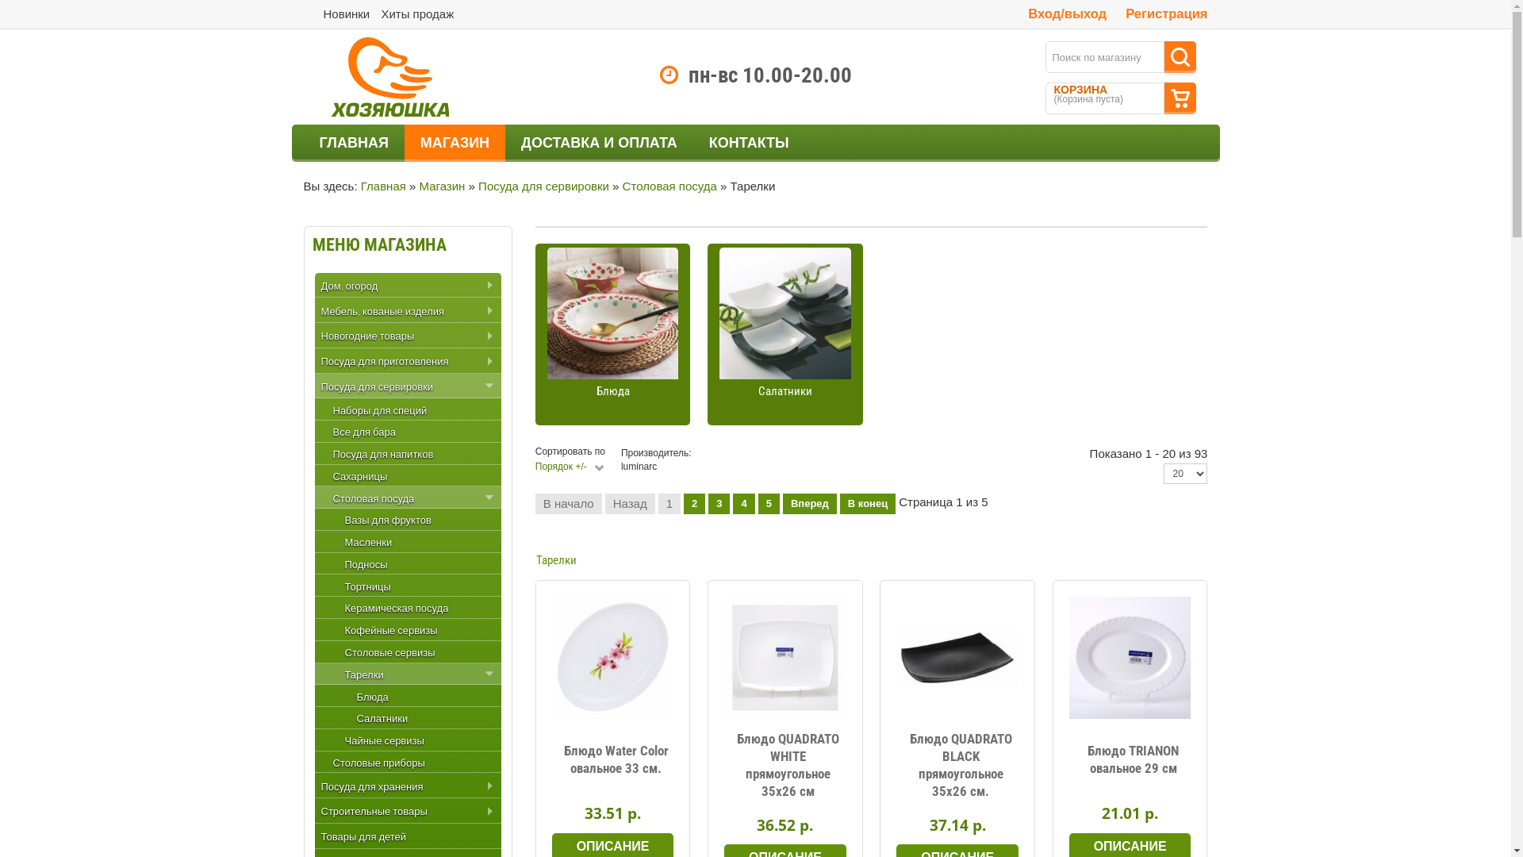 Image resolution: width=1523 pixels, height=857 pixels. I want to click on '2', so click(694, 504).